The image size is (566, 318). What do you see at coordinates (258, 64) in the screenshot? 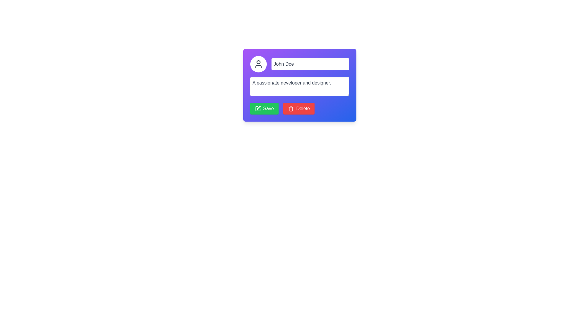
I see `the user icon SVG located within the profile area, which features a circular head and half-circle shoulders, positioned adjacent to the 'John Doe' text input field` at bounding box center [258, 64].